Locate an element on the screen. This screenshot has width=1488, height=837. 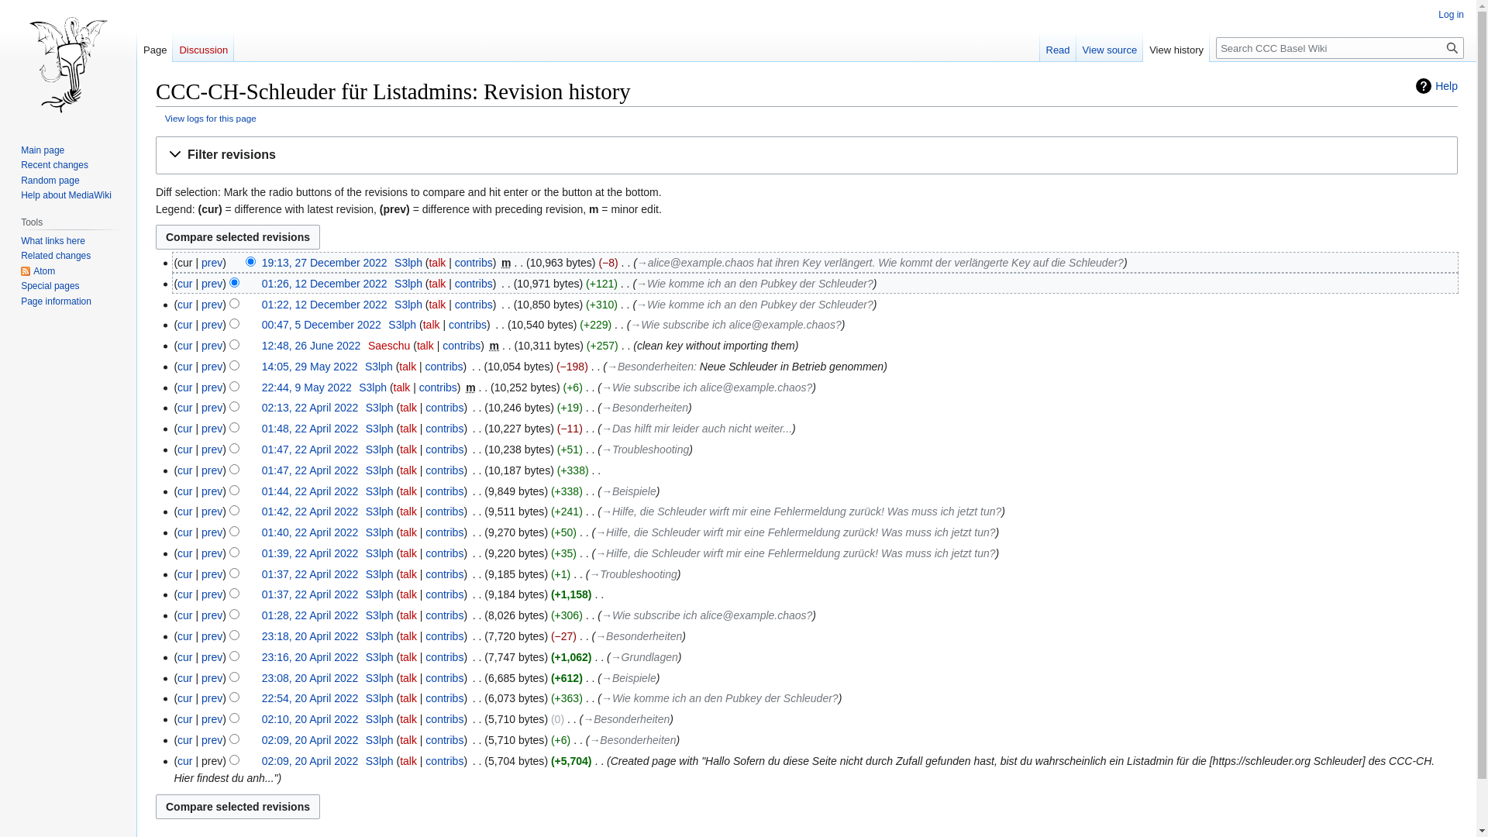
'01:47, 22 April 2022' is located at coordinates (261, 449).